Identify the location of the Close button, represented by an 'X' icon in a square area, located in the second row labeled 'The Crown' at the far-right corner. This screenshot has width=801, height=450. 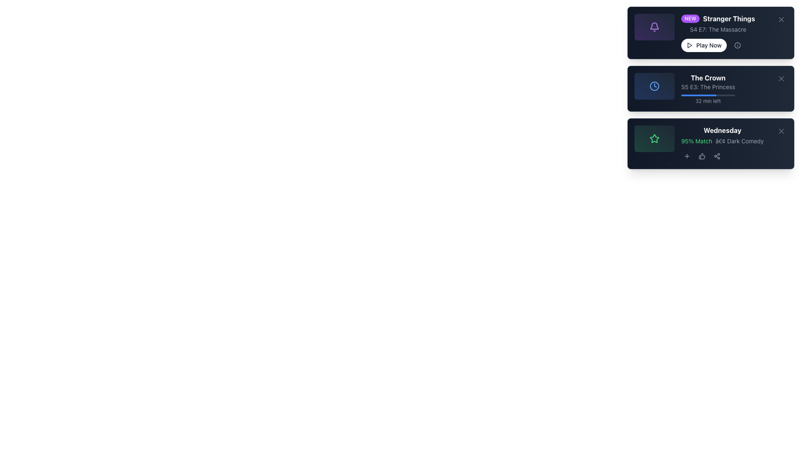
(781, 79).